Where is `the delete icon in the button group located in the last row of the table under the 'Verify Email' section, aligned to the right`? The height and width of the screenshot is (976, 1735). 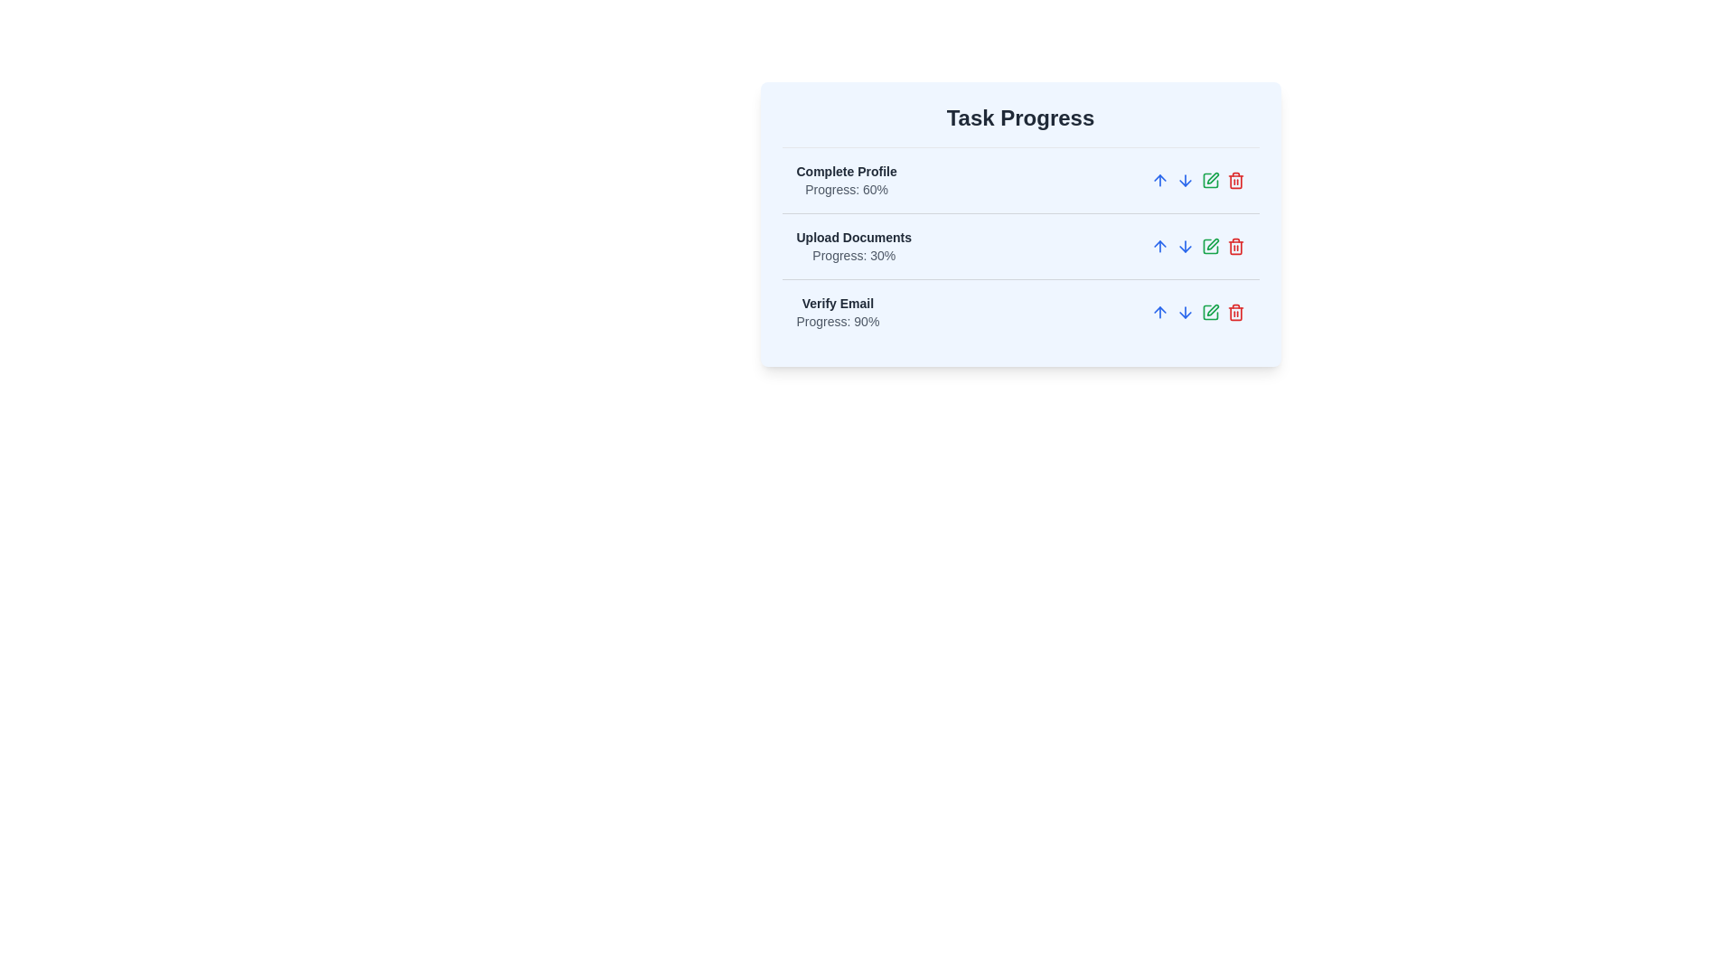 the delete icon in the button group located in the last row of the table under the 'Verify Email' section, aligned to the right is located at coordinates (1197, 312).